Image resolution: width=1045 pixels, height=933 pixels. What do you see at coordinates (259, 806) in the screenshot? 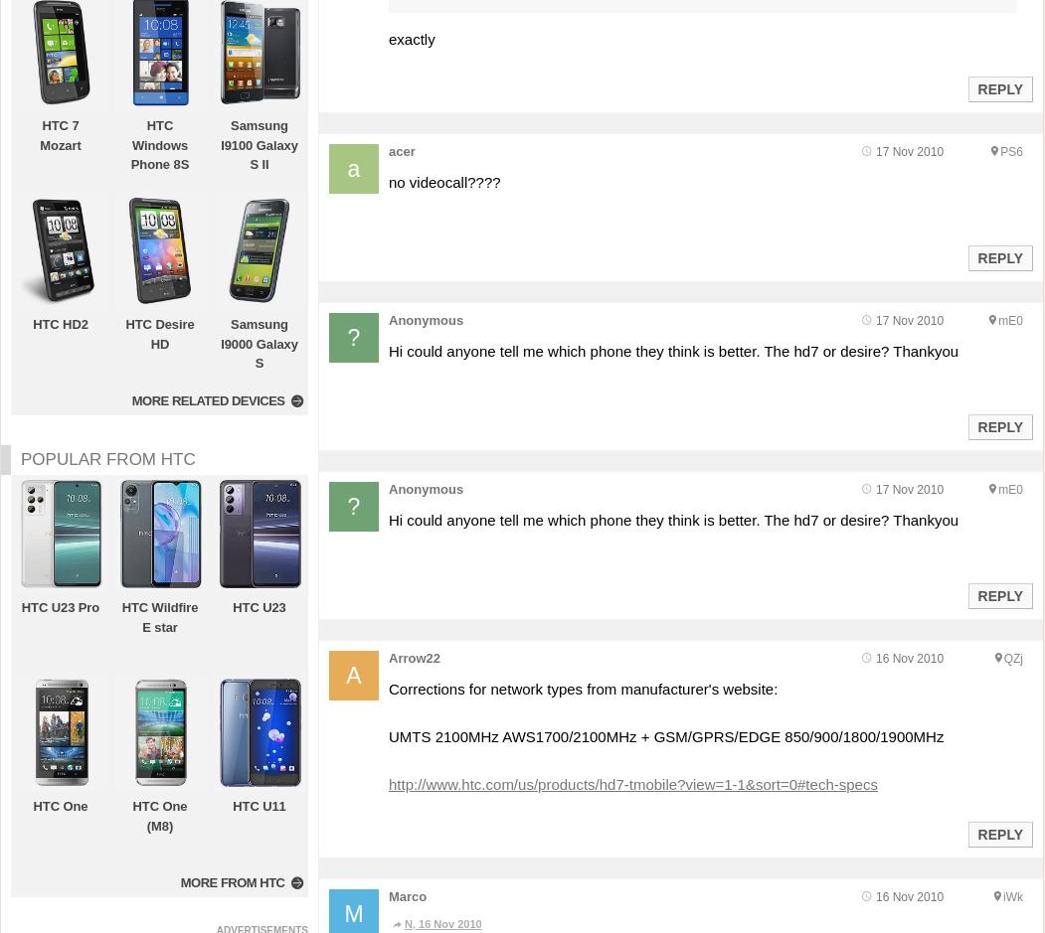
I see `'HTC U11'` at bounding box center [259, 806].